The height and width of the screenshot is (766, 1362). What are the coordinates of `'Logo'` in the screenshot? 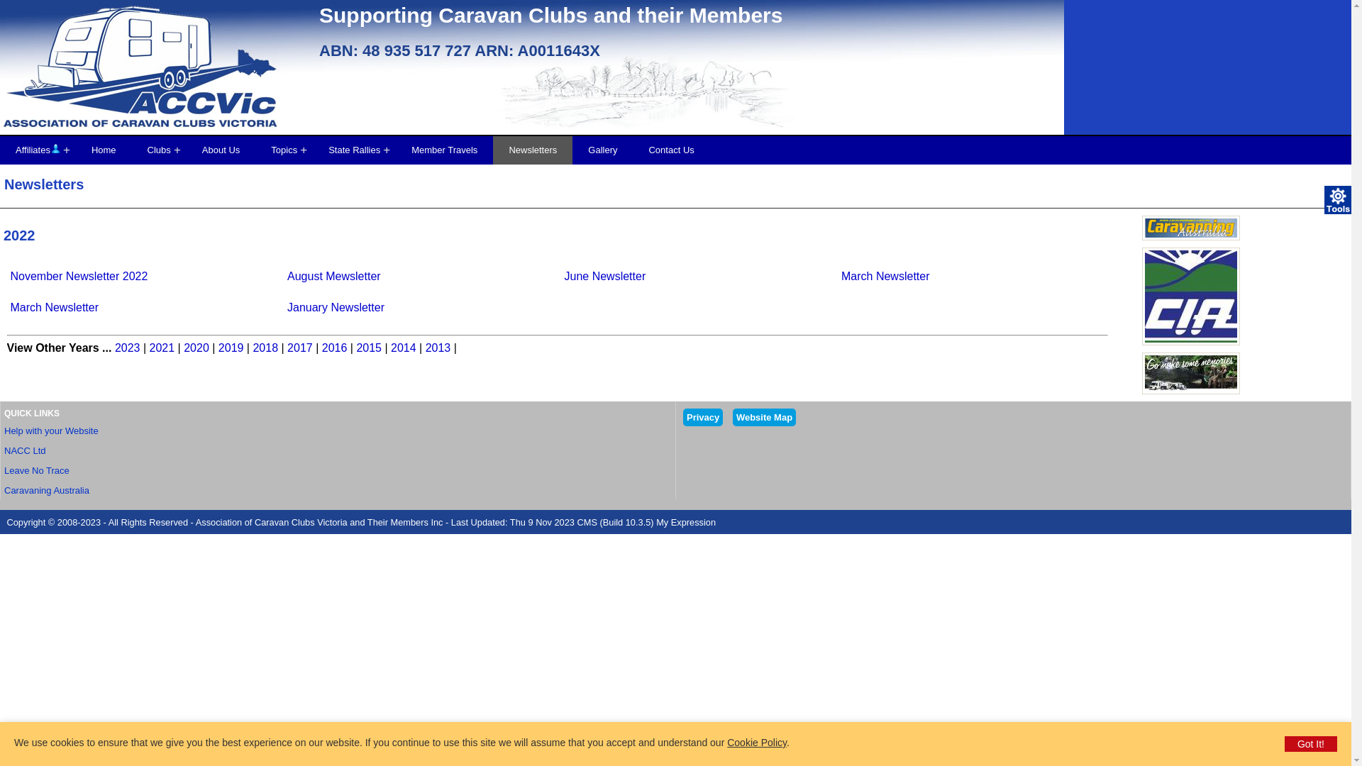 It's located at (156, 74).